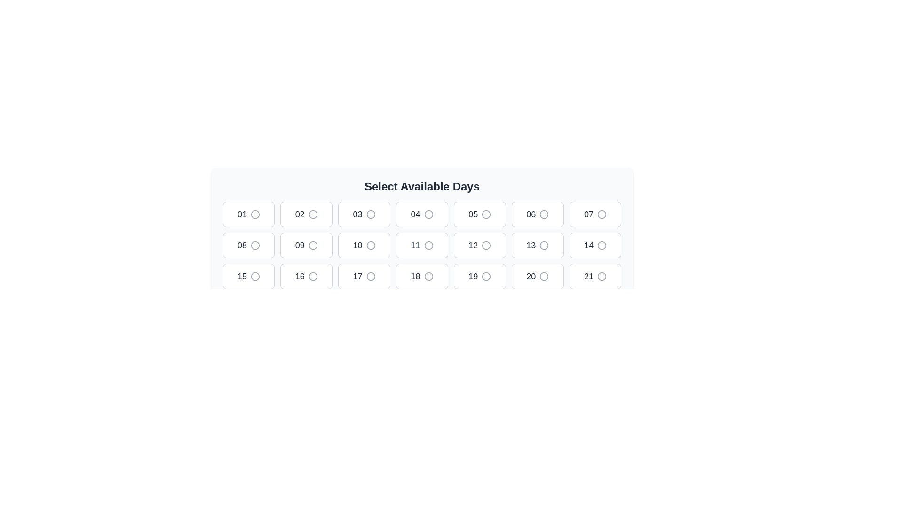 The image size is (903, 508). Describe the element at coordinates (421, 214) in the screenshot. I see `the Interactive selection button labeled '04'` at that location.